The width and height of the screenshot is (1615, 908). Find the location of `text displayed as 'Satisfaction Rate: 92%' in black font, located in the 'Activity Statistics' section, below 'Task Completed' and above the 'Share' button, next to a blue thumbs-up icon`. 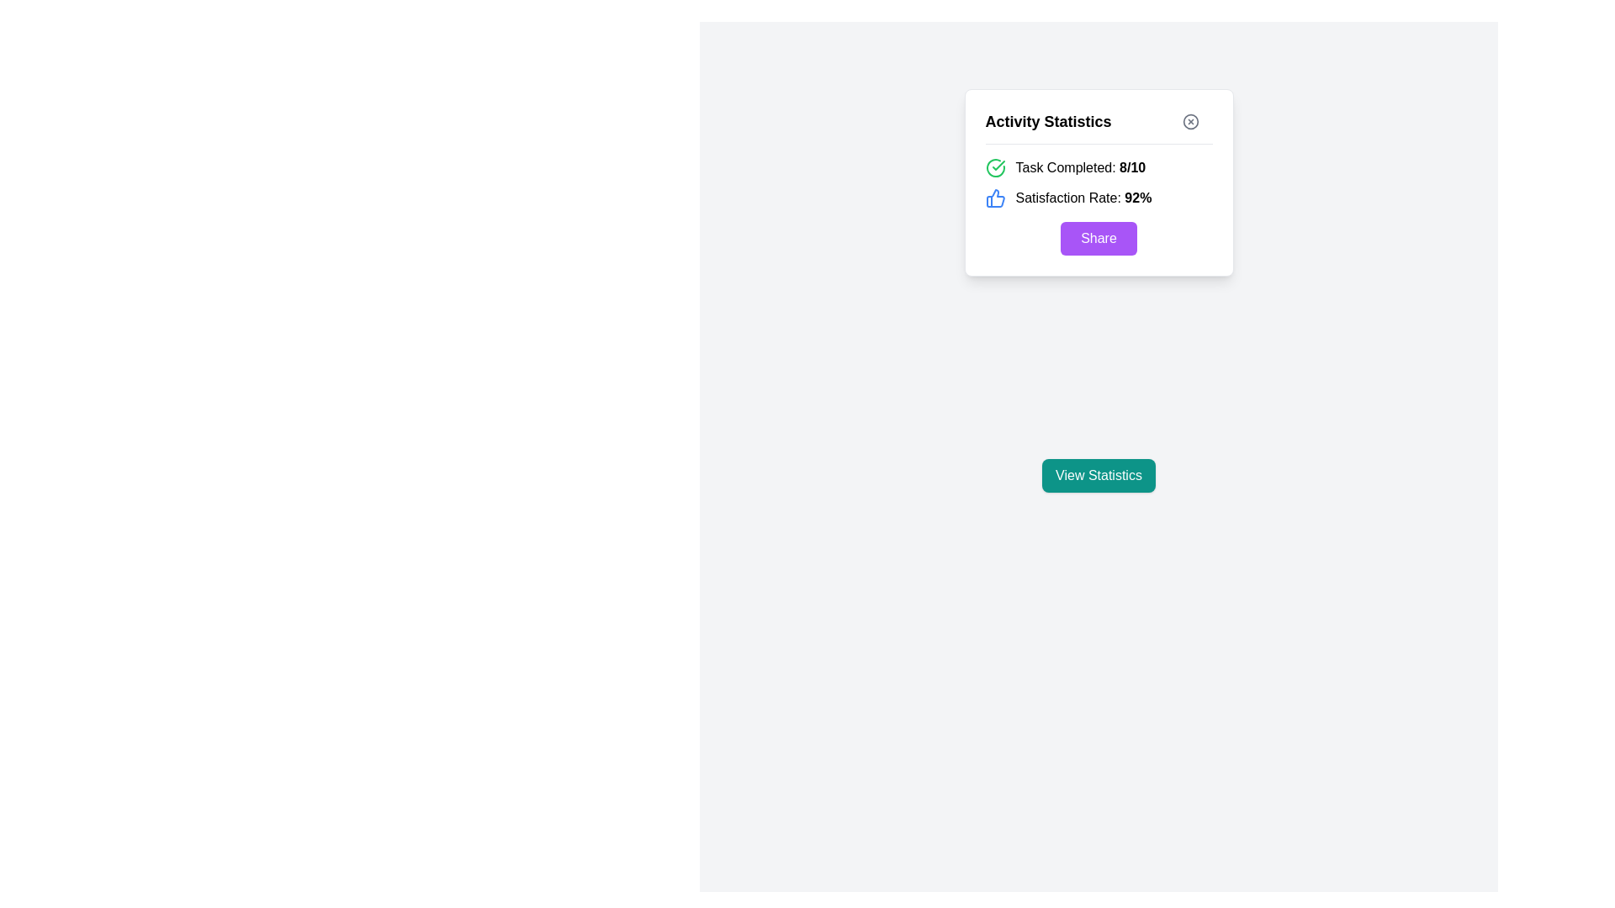

text displayed as 'Satisfaction Rate: 92%' in black font, located in the 'Activity Statistics' section, below 'Task Completed' and above the 'Share' button, next to a blue thumbs-up icon is located at coordinates (1083, 197).